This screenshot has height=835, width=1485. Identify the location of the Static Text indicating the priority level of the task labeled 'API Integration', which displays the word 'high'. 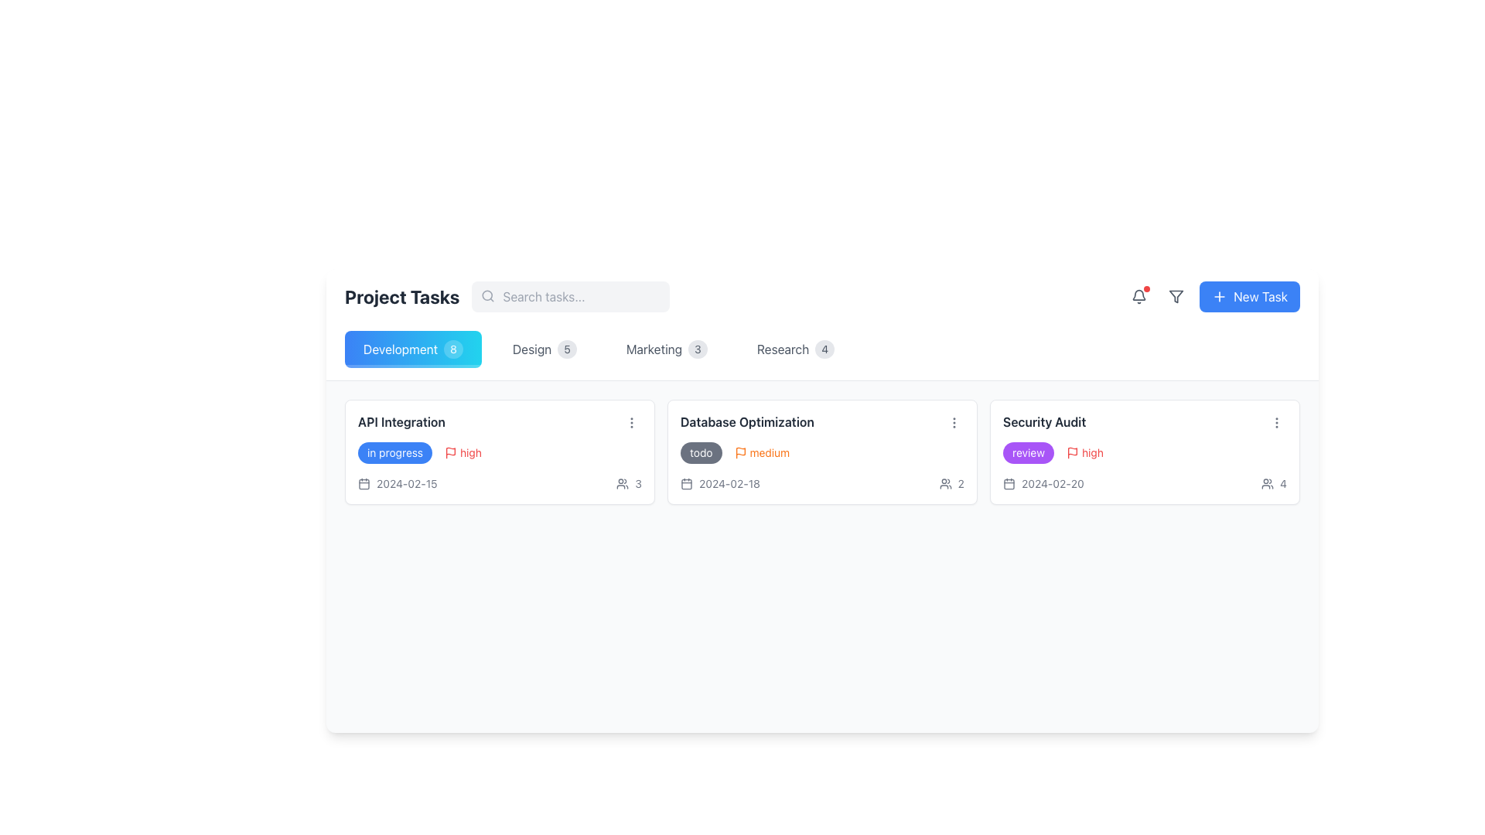
(470, 452).